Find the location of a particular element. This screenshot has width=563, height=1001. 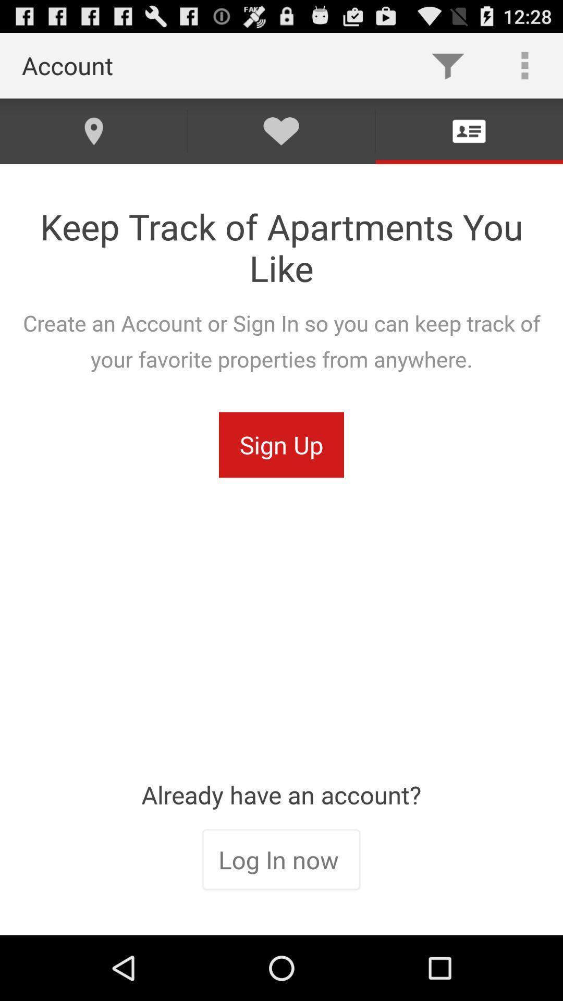

the item to the right of the account icon is located at coordinates (447, 65).